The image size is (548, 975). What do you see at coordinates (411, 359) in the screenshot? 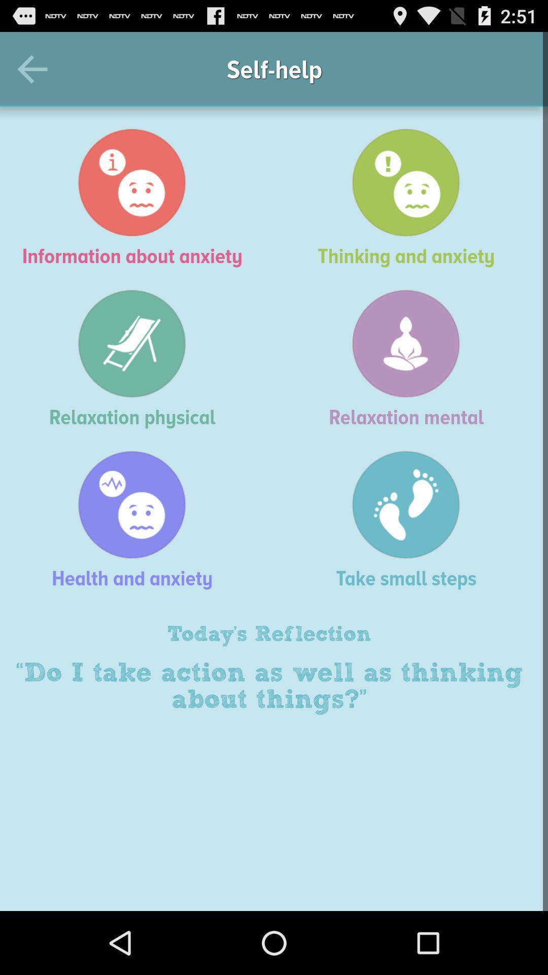
I see `the item next to relaxation physical item` at bounding box center [411, 359].